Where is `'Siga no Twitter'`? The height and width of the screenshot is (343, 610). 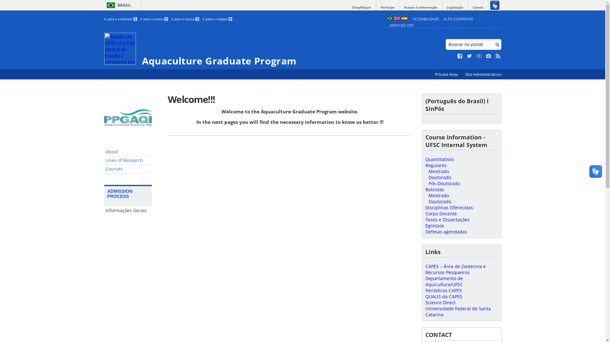
'Siga no Twitter' is located at coordinates (470, 56).